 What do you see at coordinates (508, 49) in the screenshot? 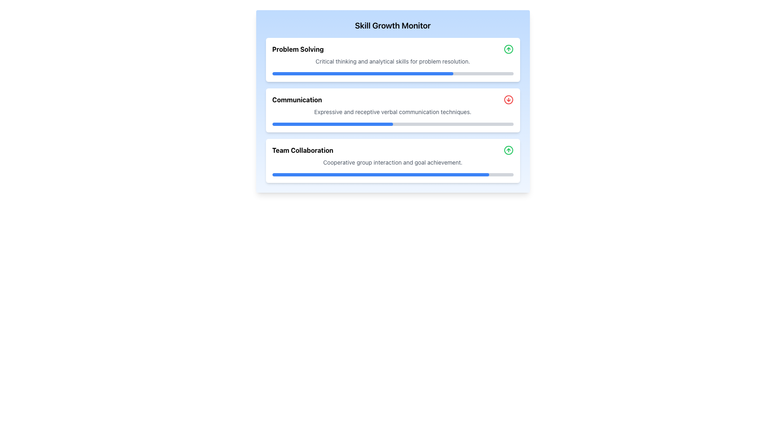
I see `the performance increase icon for the 'Problem Solving' metric, which is located on the far-right of the section title` at bounding box center [508, 49].